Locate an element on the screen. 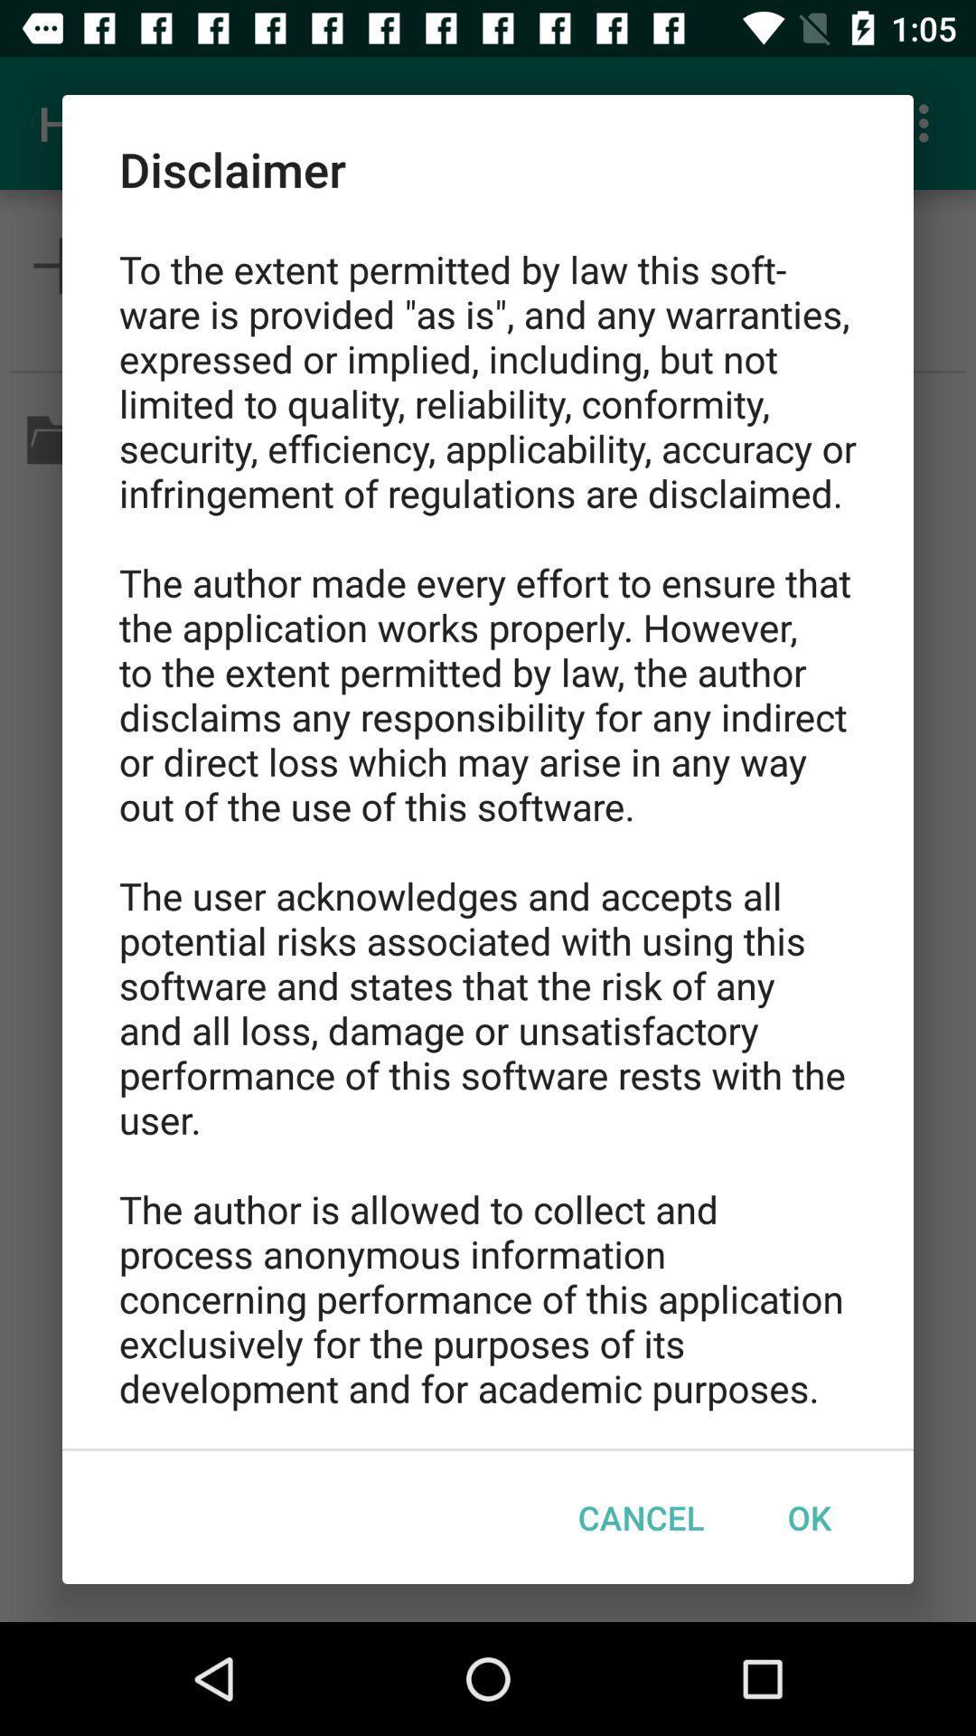 This screenshot has width=976, height=1736. item at the bottom is located at coordinates (640, 1517).